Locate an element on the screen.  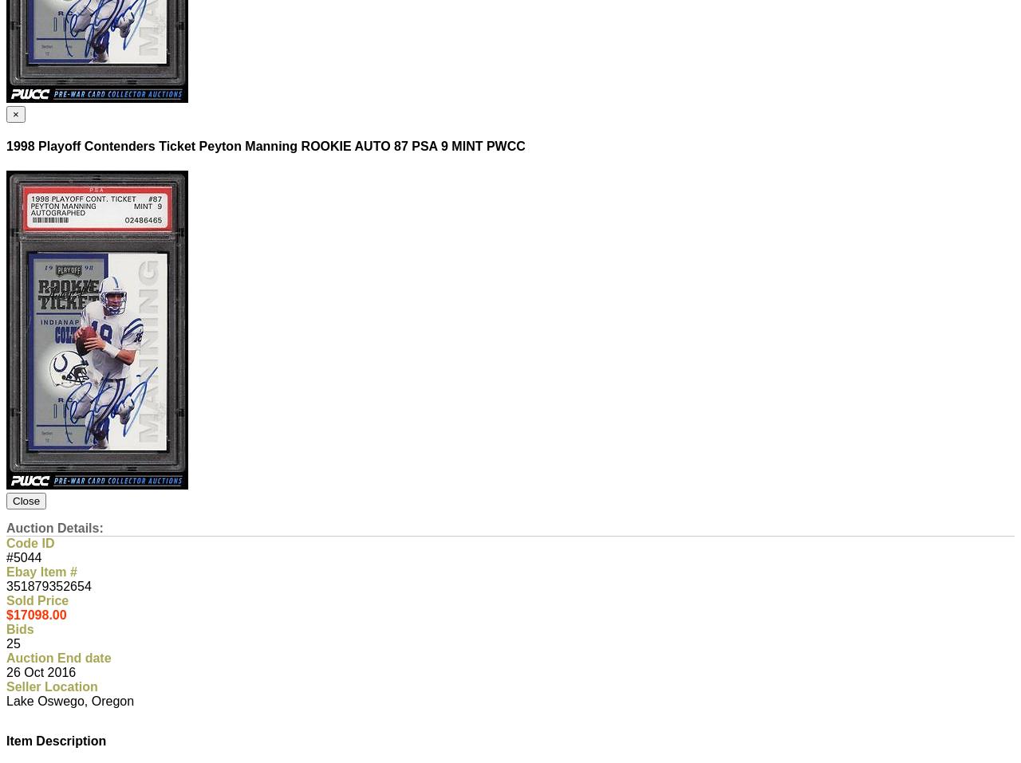
'26 Oct 2016' is located at coordinates (41, 671).